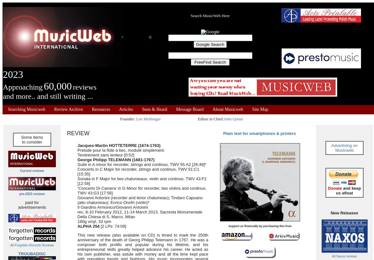 Image resolution: width=374 pixels, height=260 pixels. What do you see at coordinates (260, 109) in the screenshot?
I see `'Site 
            Map'` at bounding box center [260, 109].